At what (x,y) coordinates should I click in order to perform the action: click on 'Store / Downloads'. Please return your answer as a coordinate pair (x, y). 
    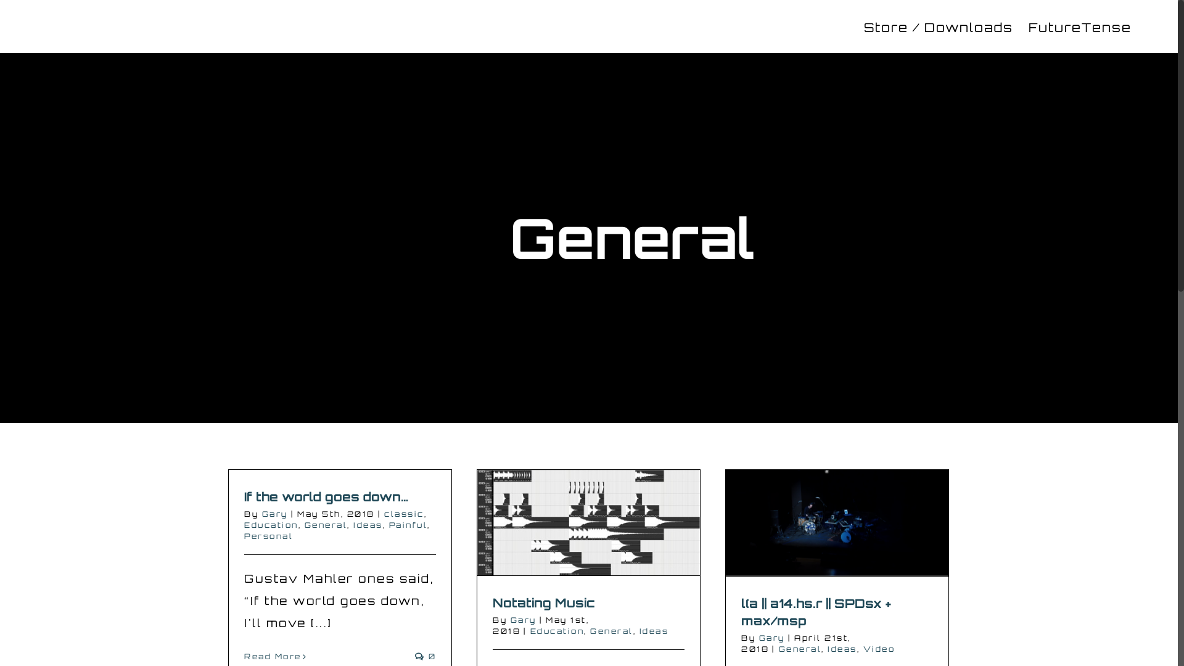
    Looking at the image, I should click on (937, 26).